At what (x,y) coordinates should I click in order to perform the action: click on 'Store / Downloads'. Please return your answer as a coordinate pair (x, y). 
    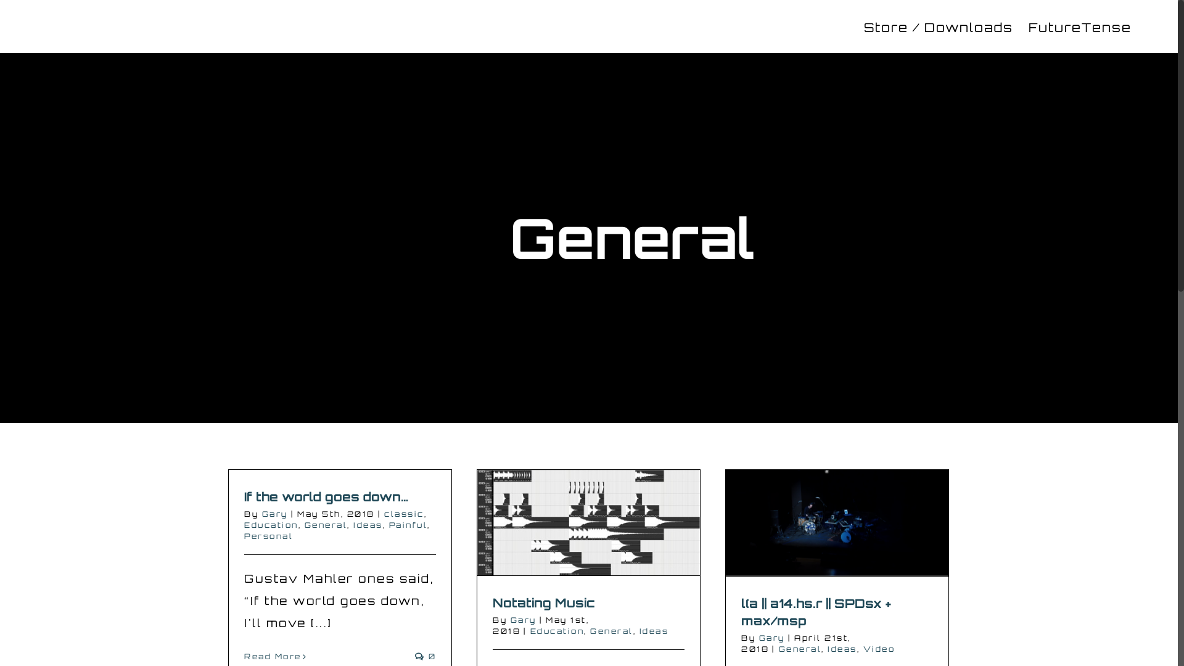
    Looking at the image, I should click on (937, 26).